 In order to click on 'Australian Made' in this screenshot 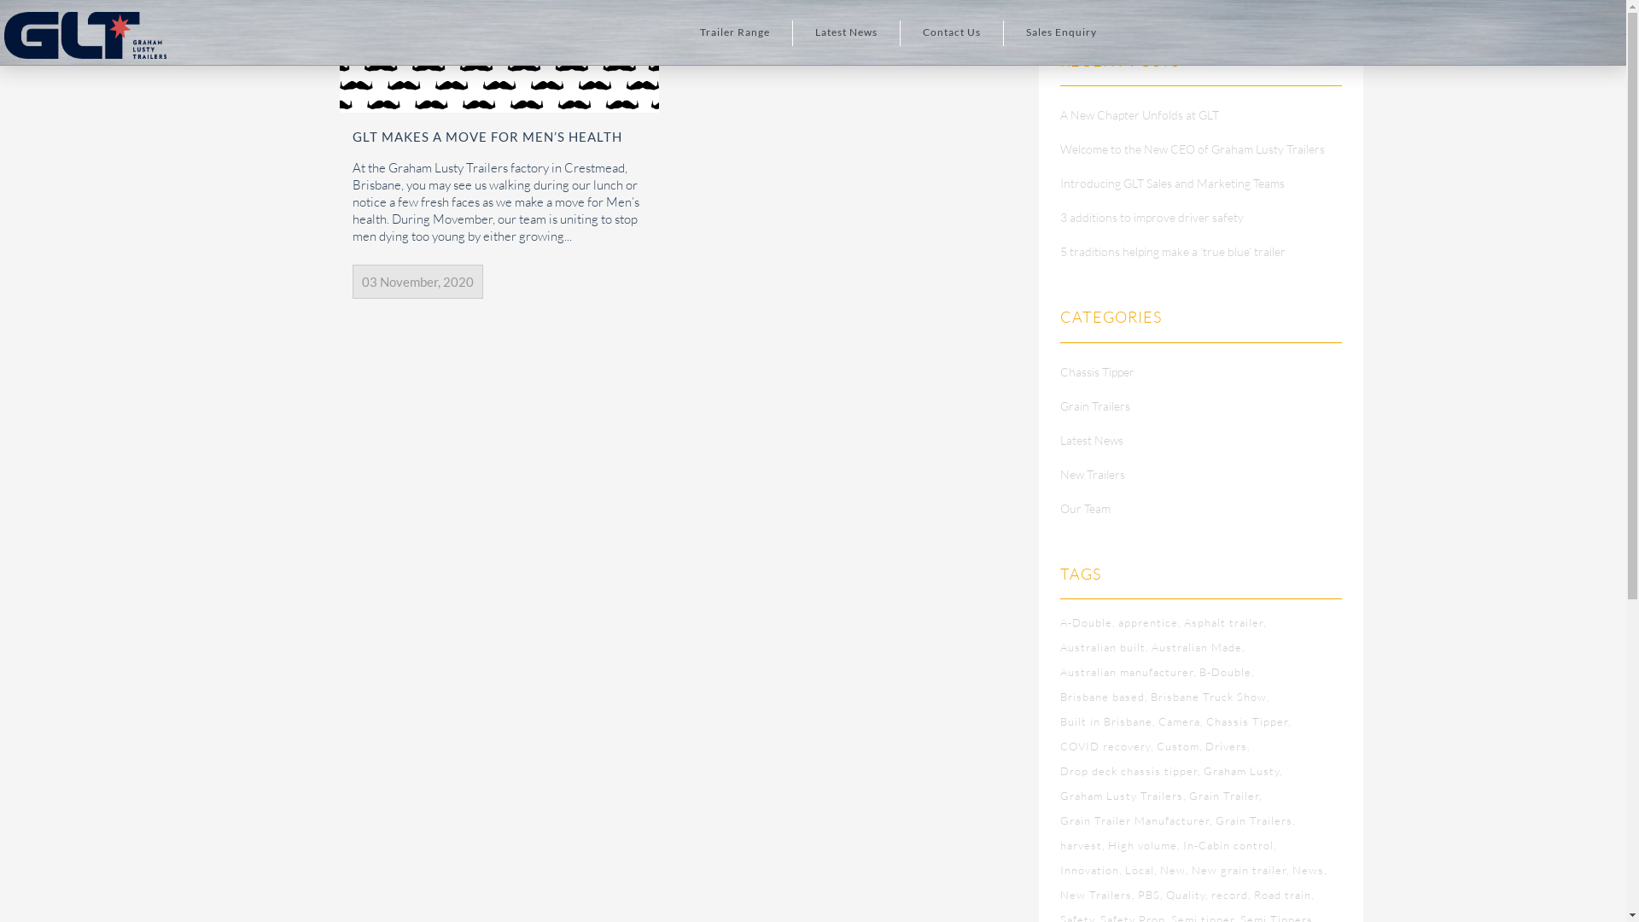, I will do `click(1197, 647)`.